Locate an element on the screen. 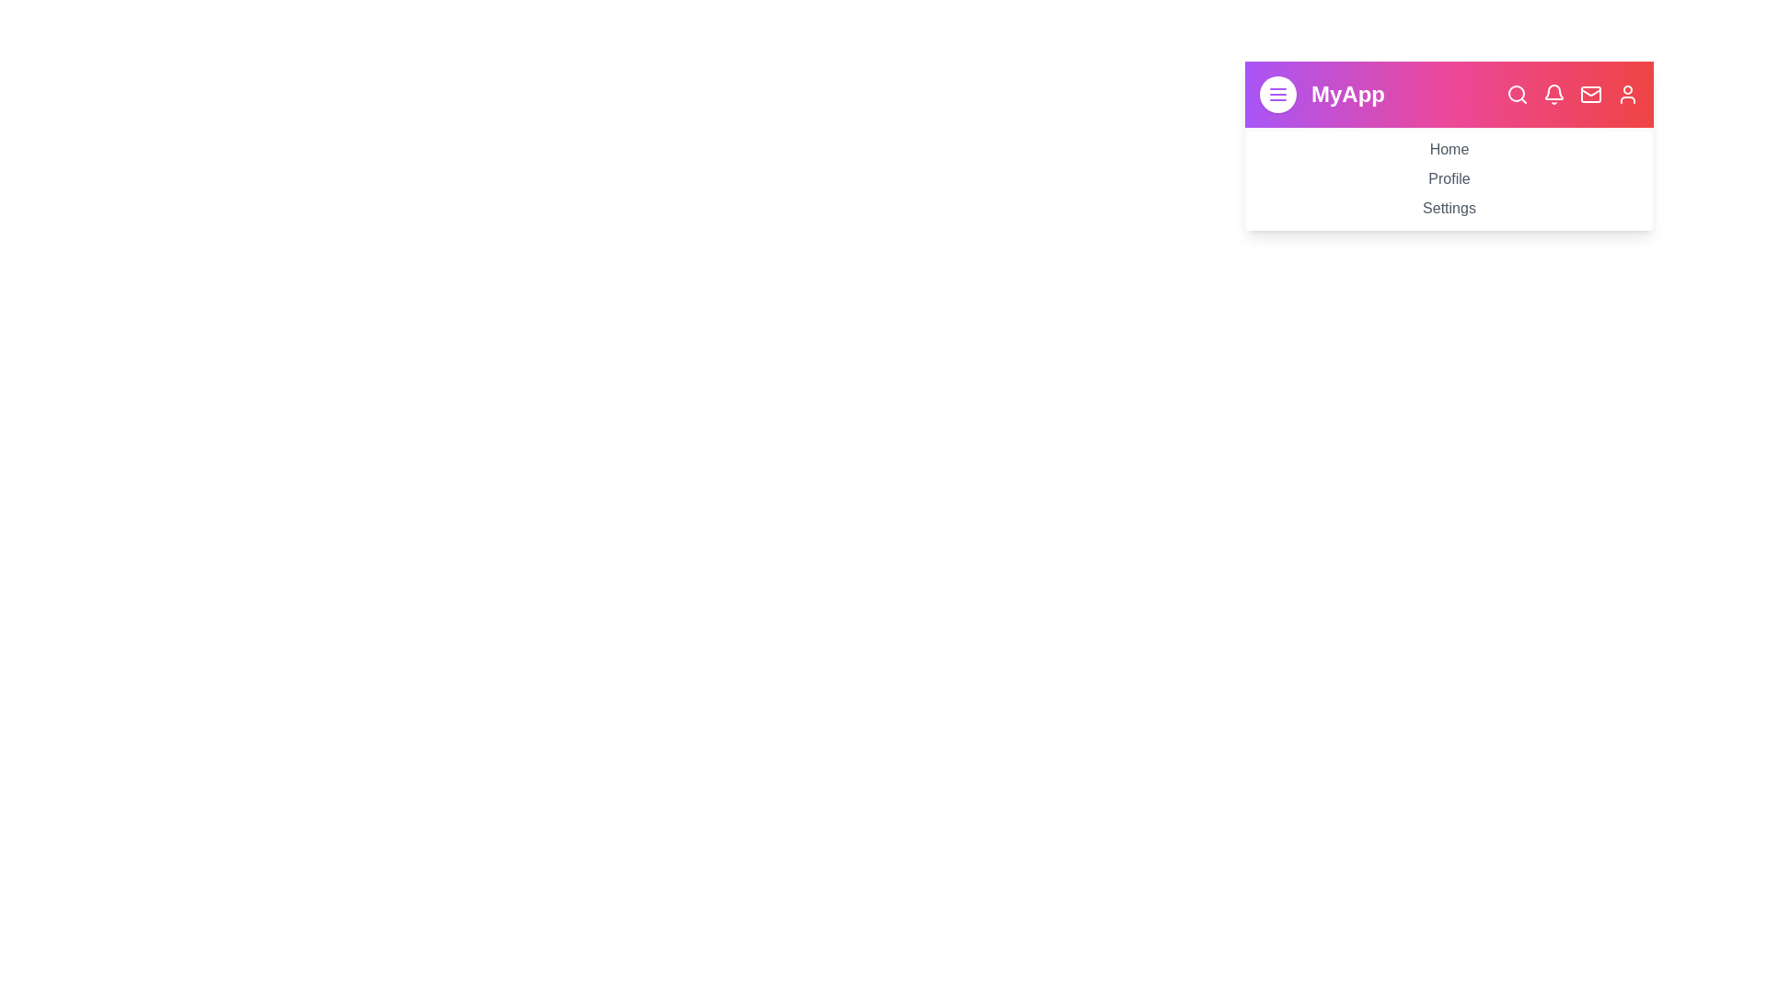 The height and width of the screenshot is (993, 1767). the navigation bar icon corresponding to Profile is located at coordinates (1628, 95).